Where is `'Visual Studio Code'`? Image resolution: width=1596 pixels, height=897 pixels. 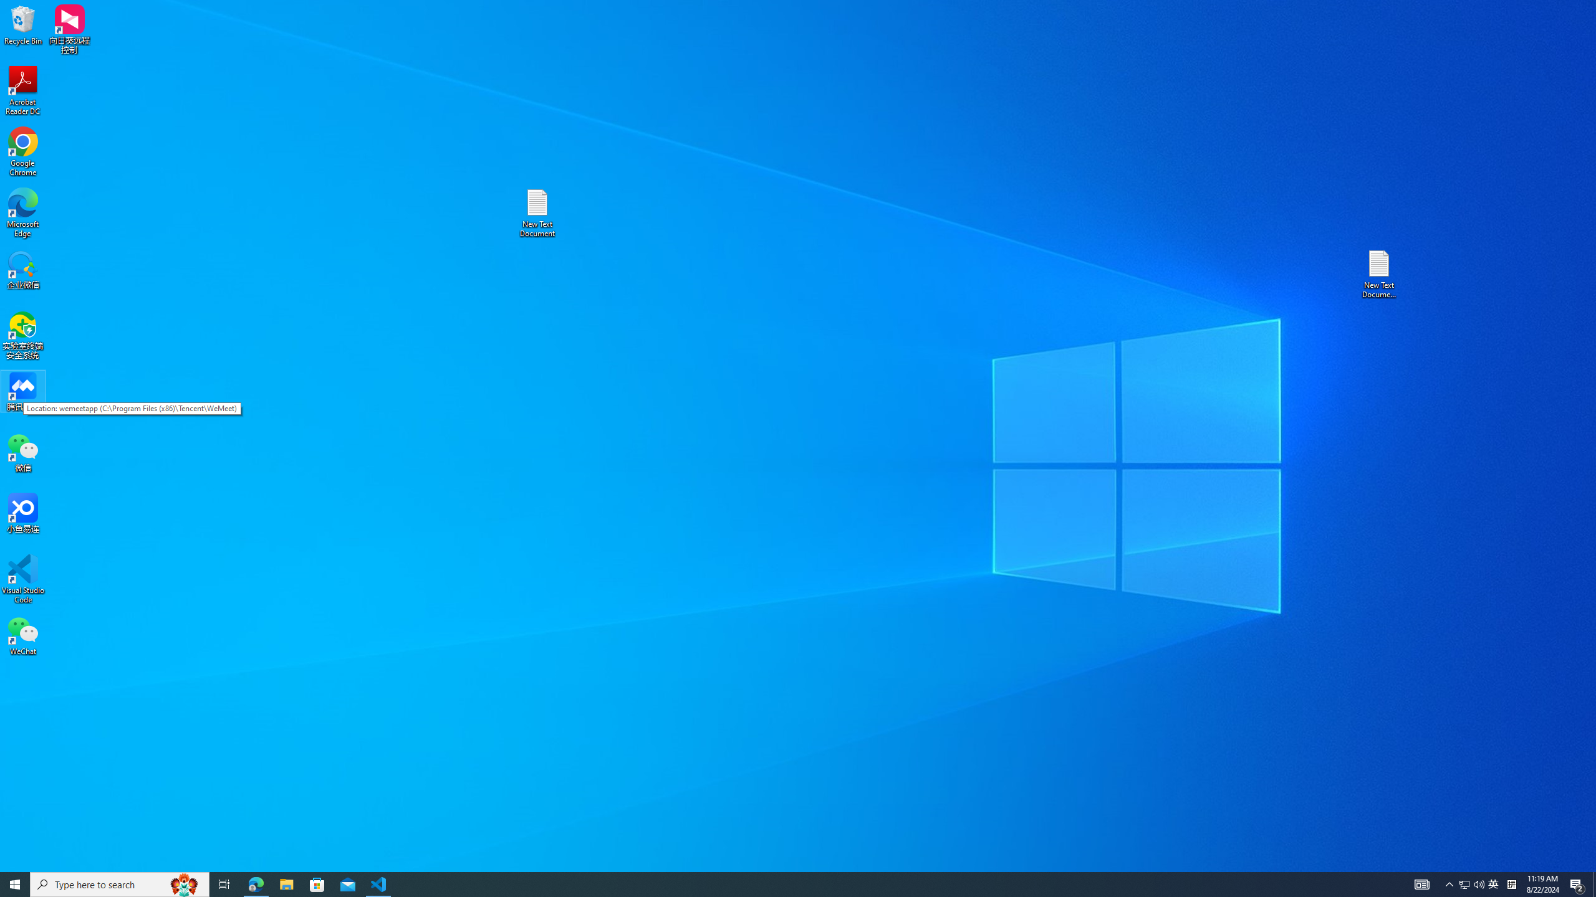
'Visual Studio Code' is located at coordinates (22, 578).